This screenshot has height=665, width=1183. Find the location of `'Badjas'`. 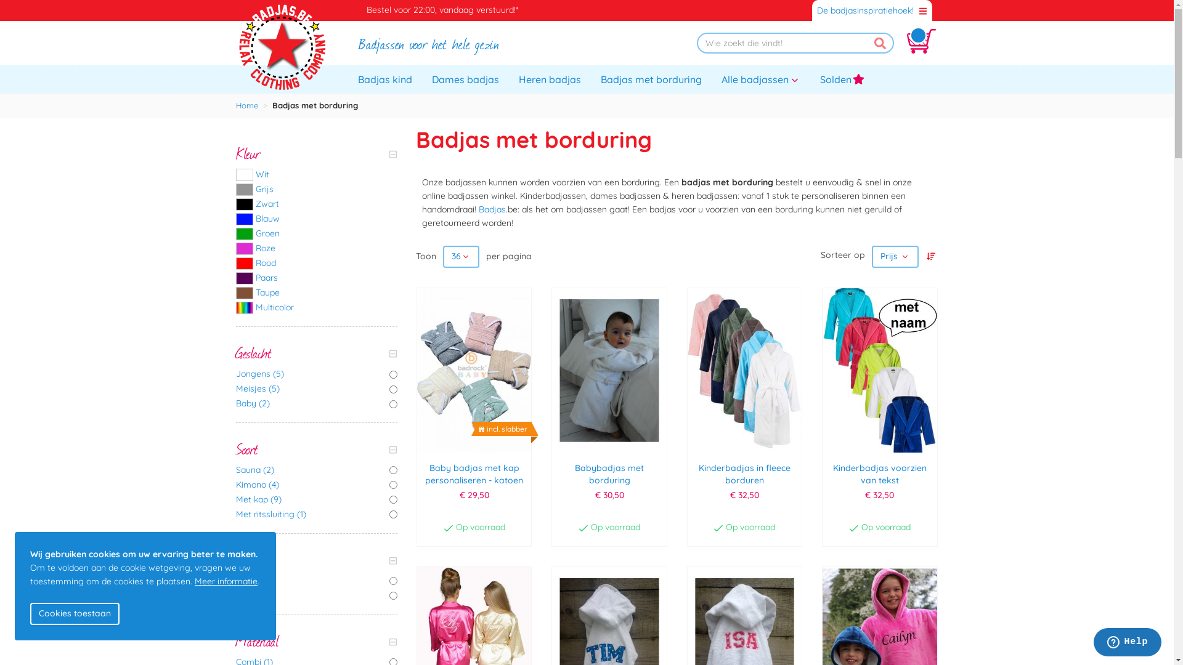

'Badjas' is located at coordinates (491, 208).